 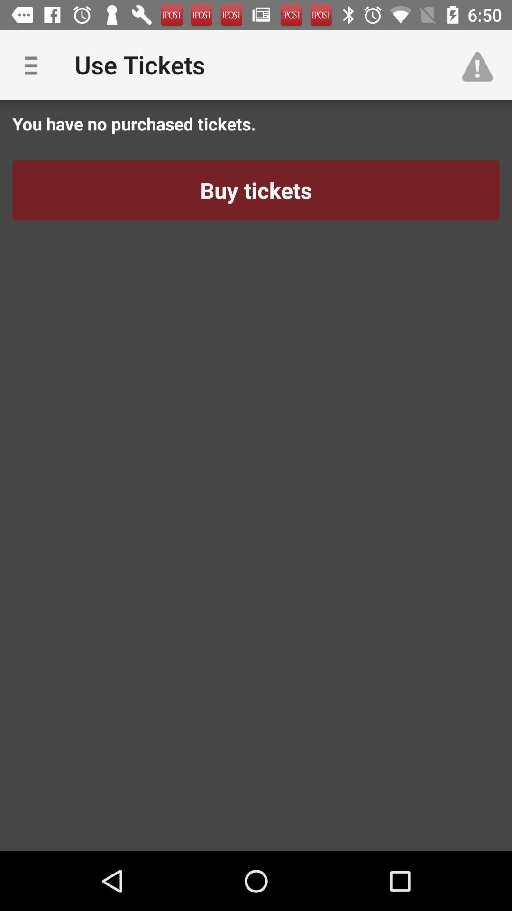 I want to click on icon next to use tickets app, so click(x=482, y=64).